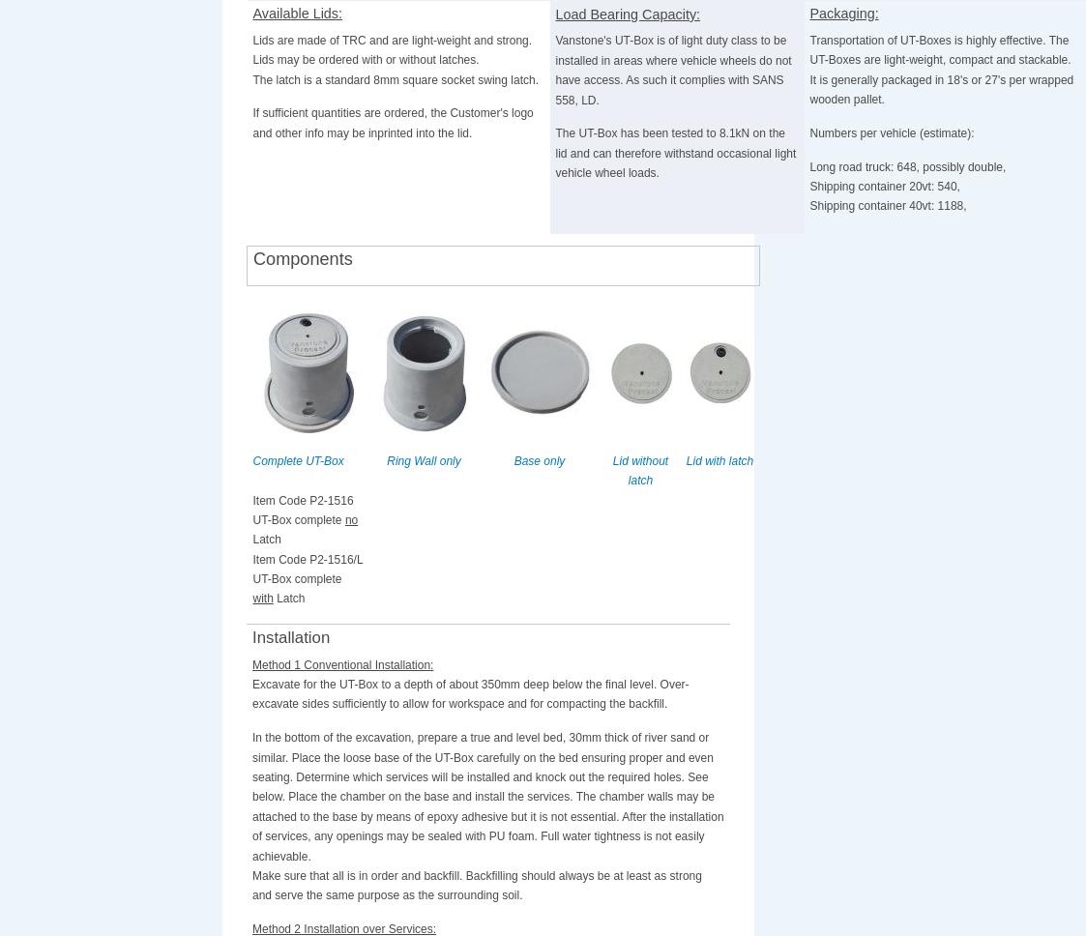  I want to click on 'Shipping container 20vt: 540,', so click(883, 187).